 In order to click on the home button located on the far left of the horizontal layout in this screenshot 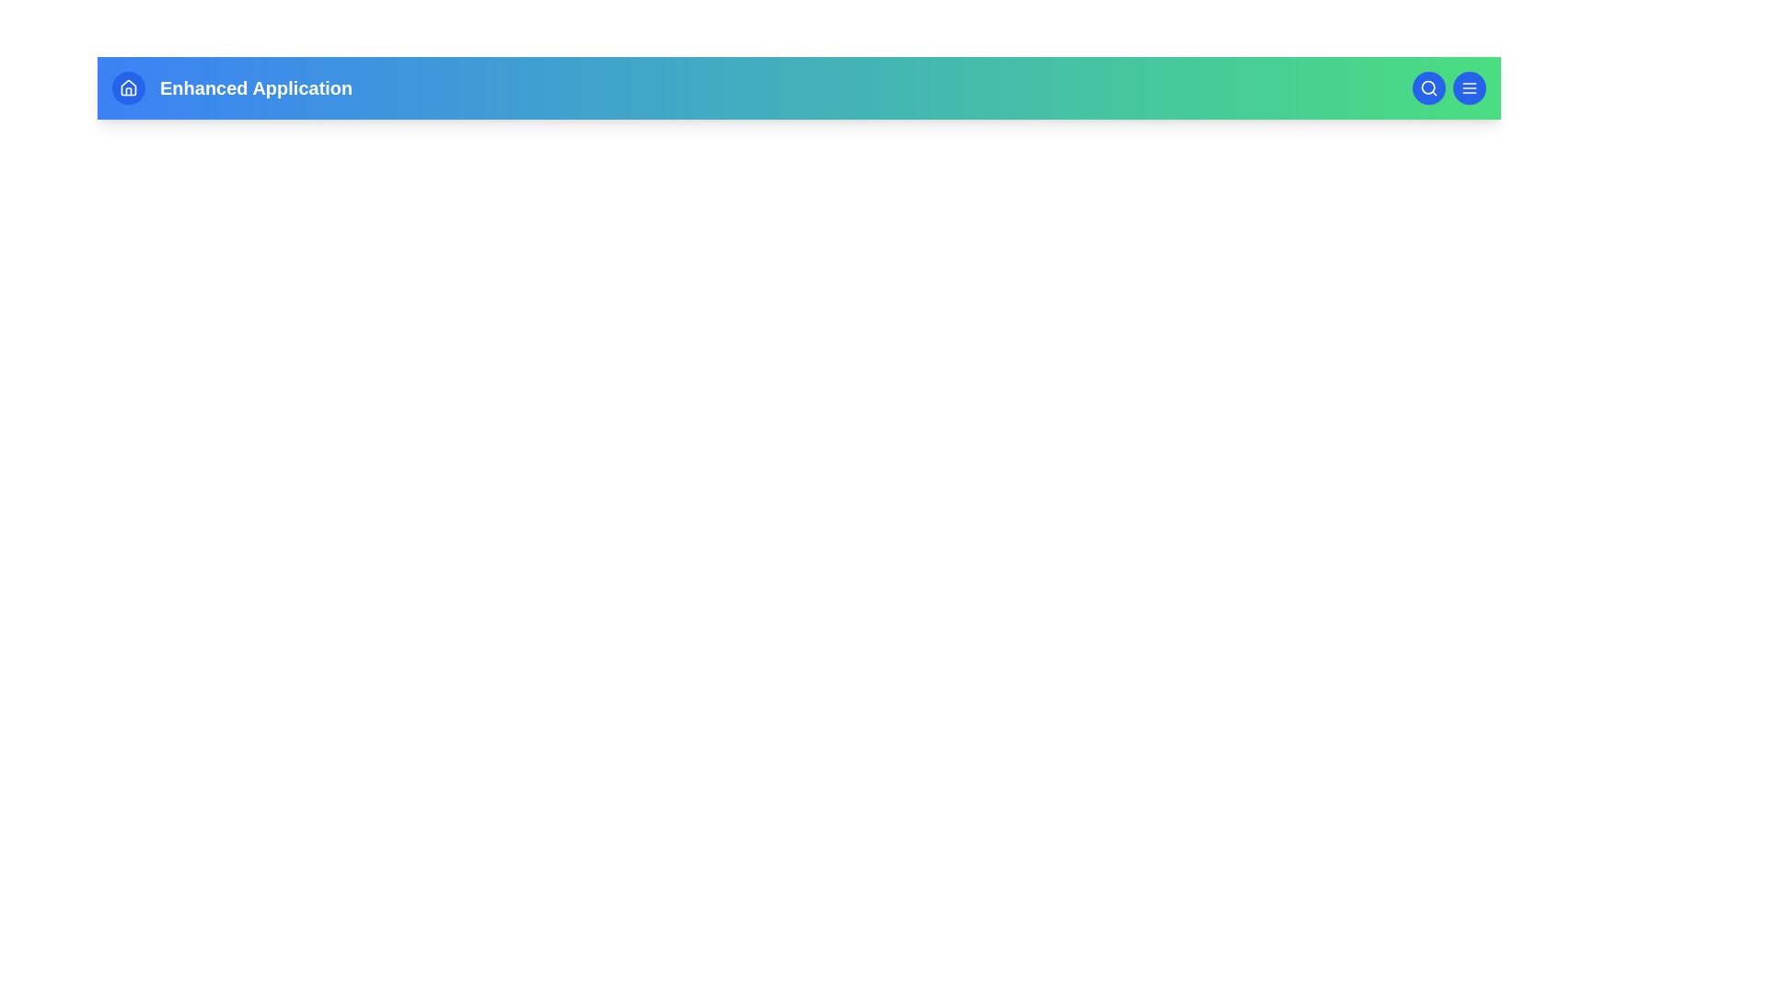, I will do `click(127, 88)`.